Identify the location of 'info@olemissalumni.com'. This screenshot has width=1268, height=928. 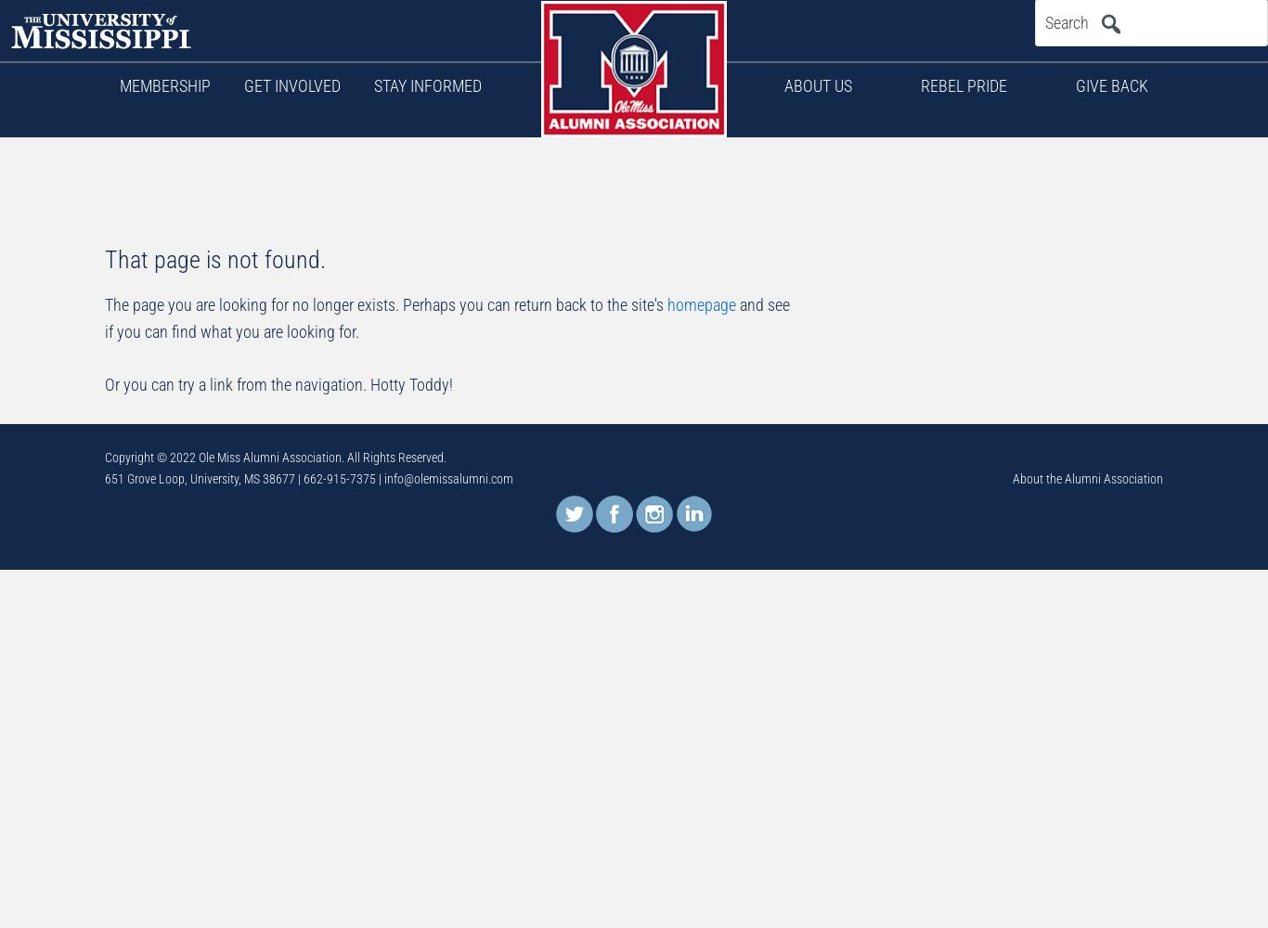
(448, 479).